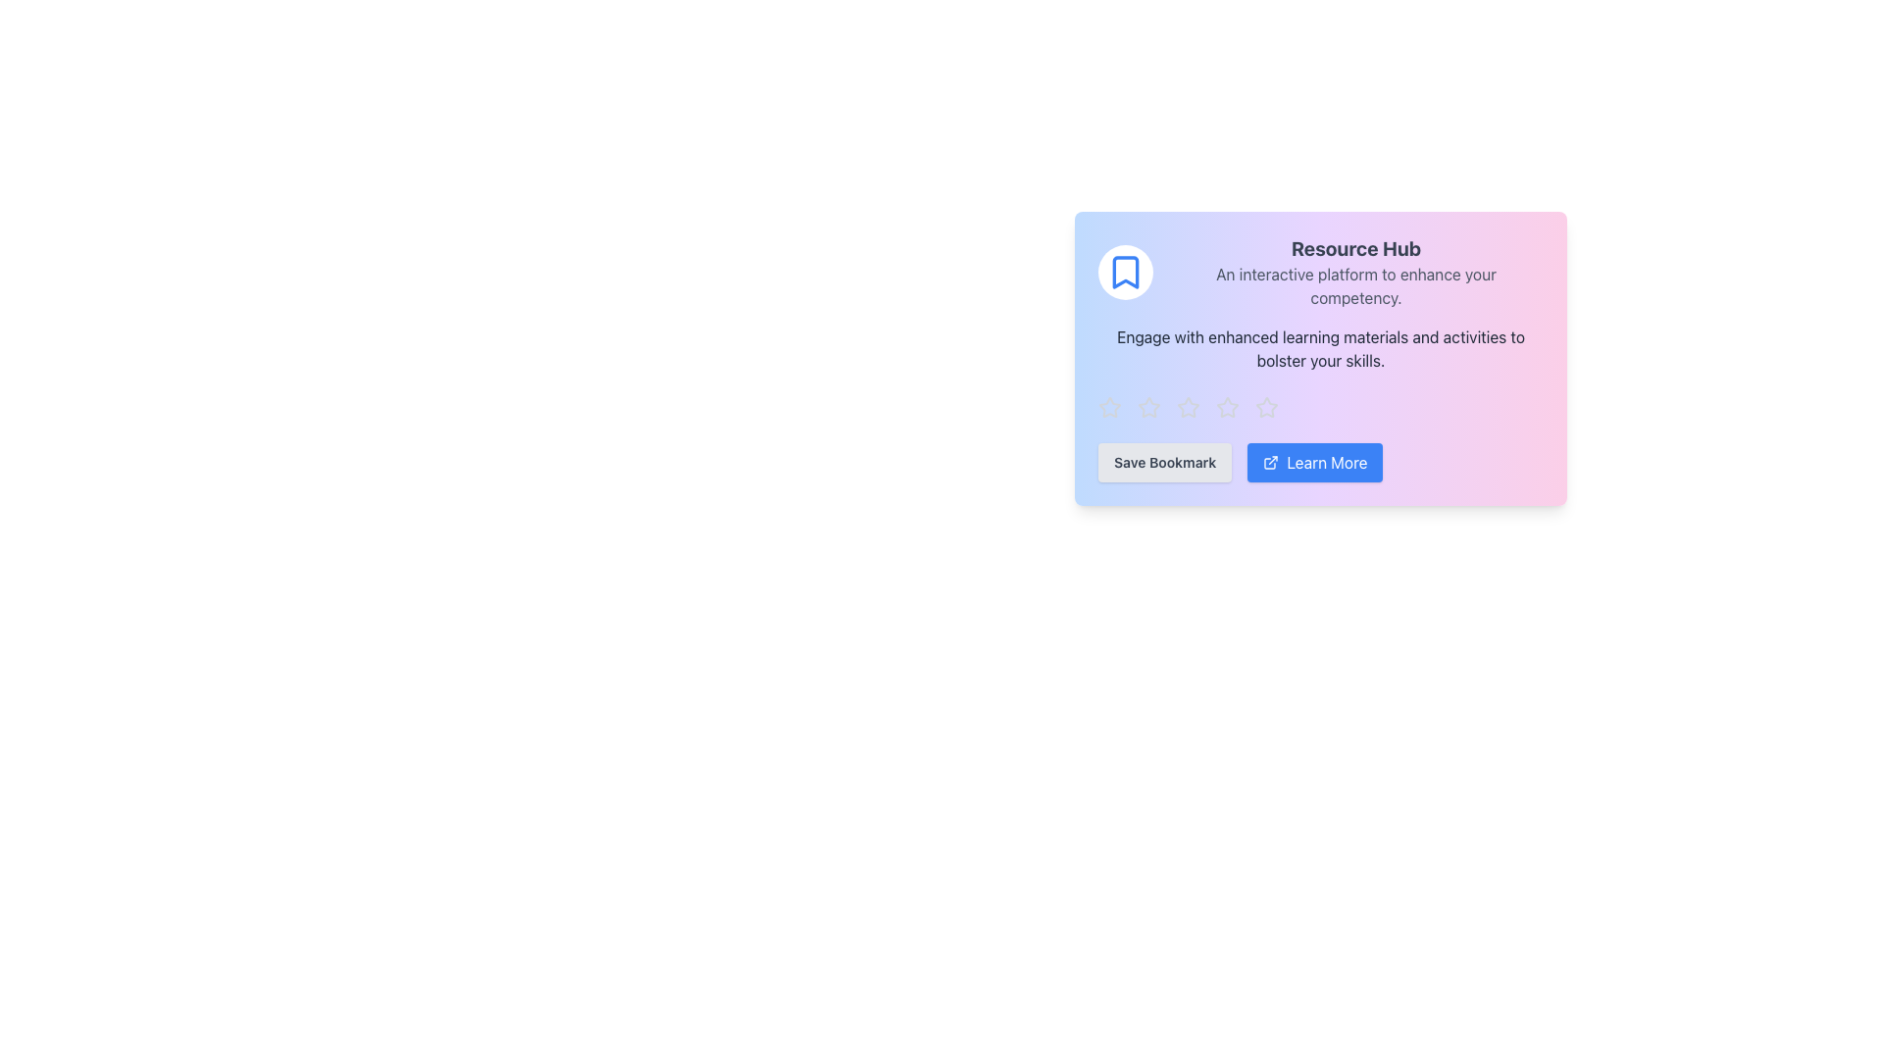  I want to click on the bookmark icon button located at the top-left corner of the 'Resource Hub' card, which represents a feature for saving or marking items, so click(1125, 272).